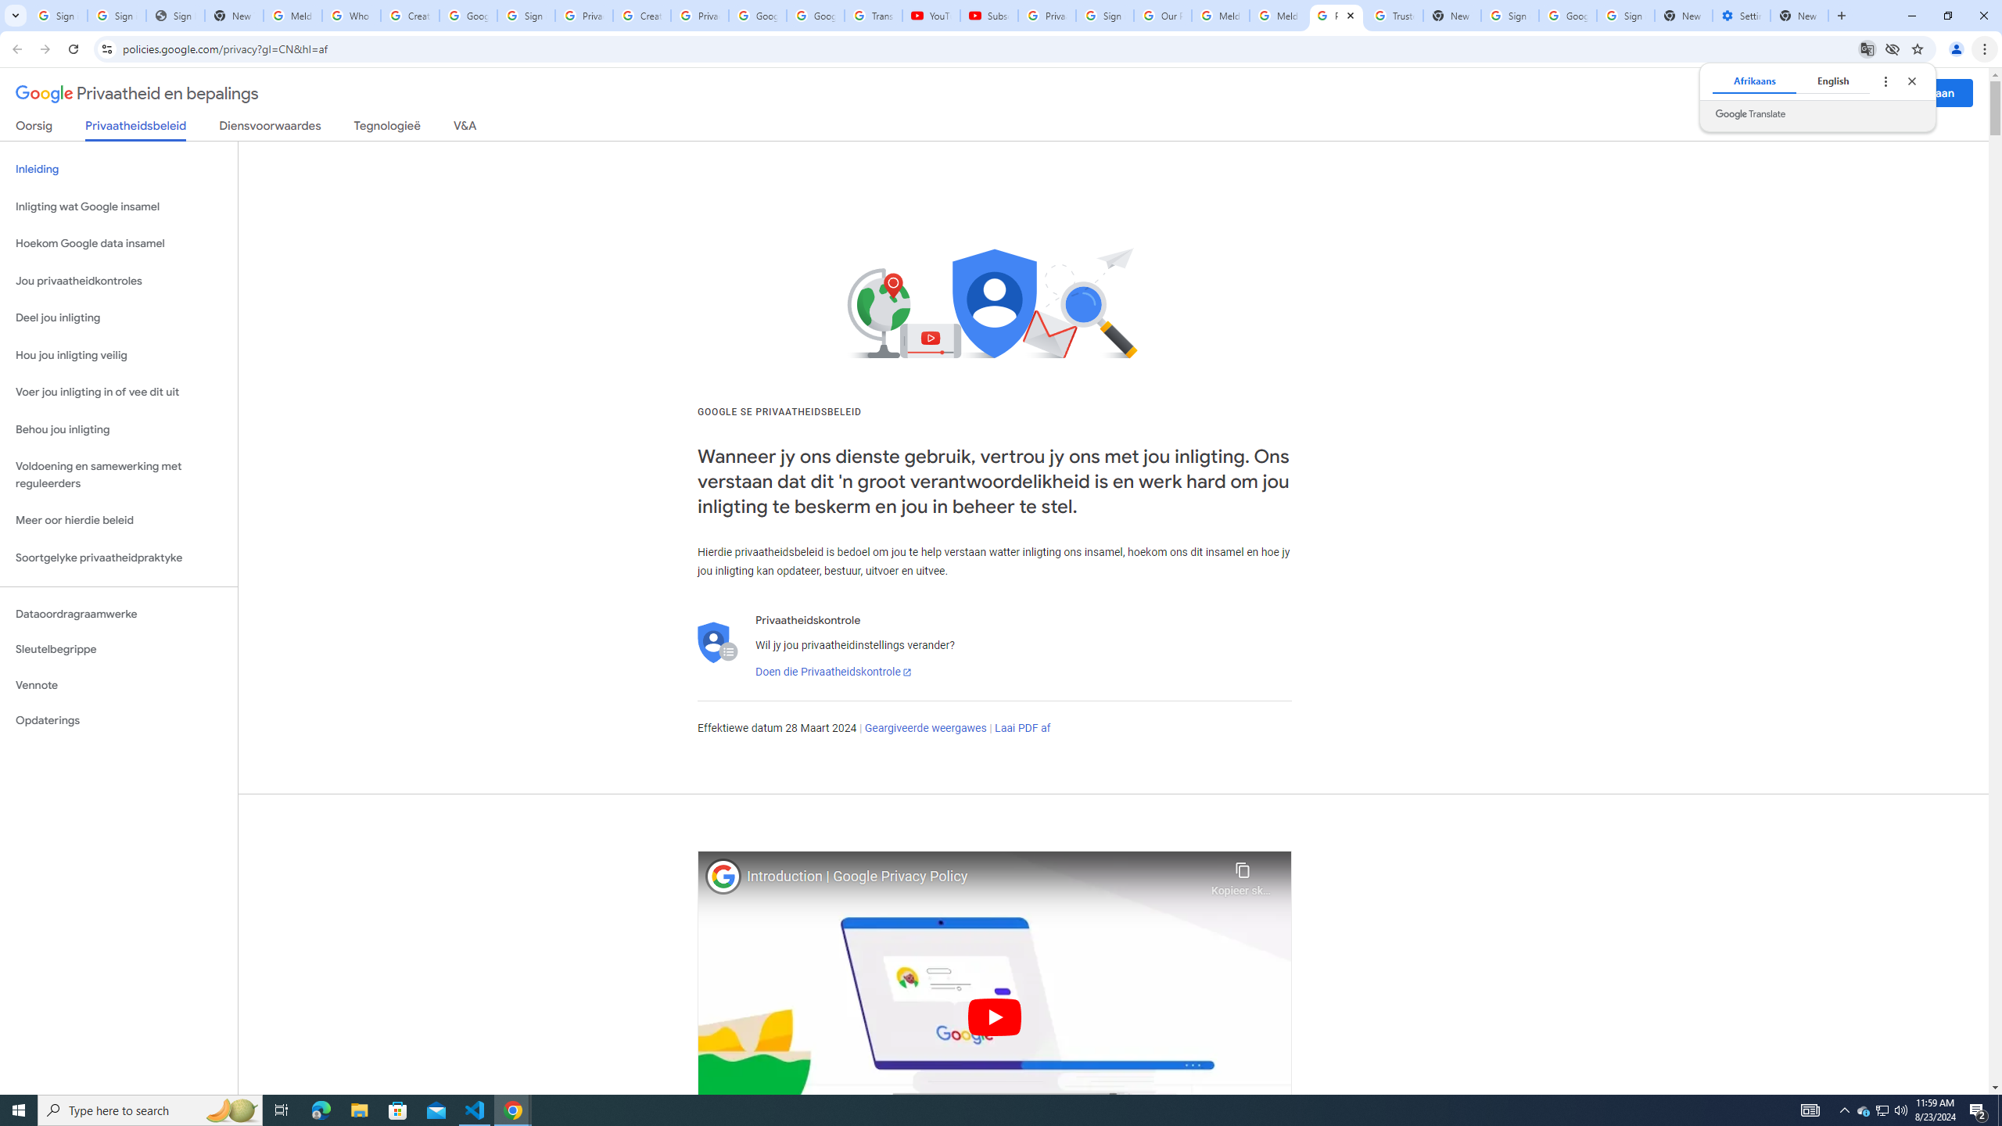 The height and width of the screenshot is (1126, 2002). I want to click on 'Translate this page', so click(1867, 48).